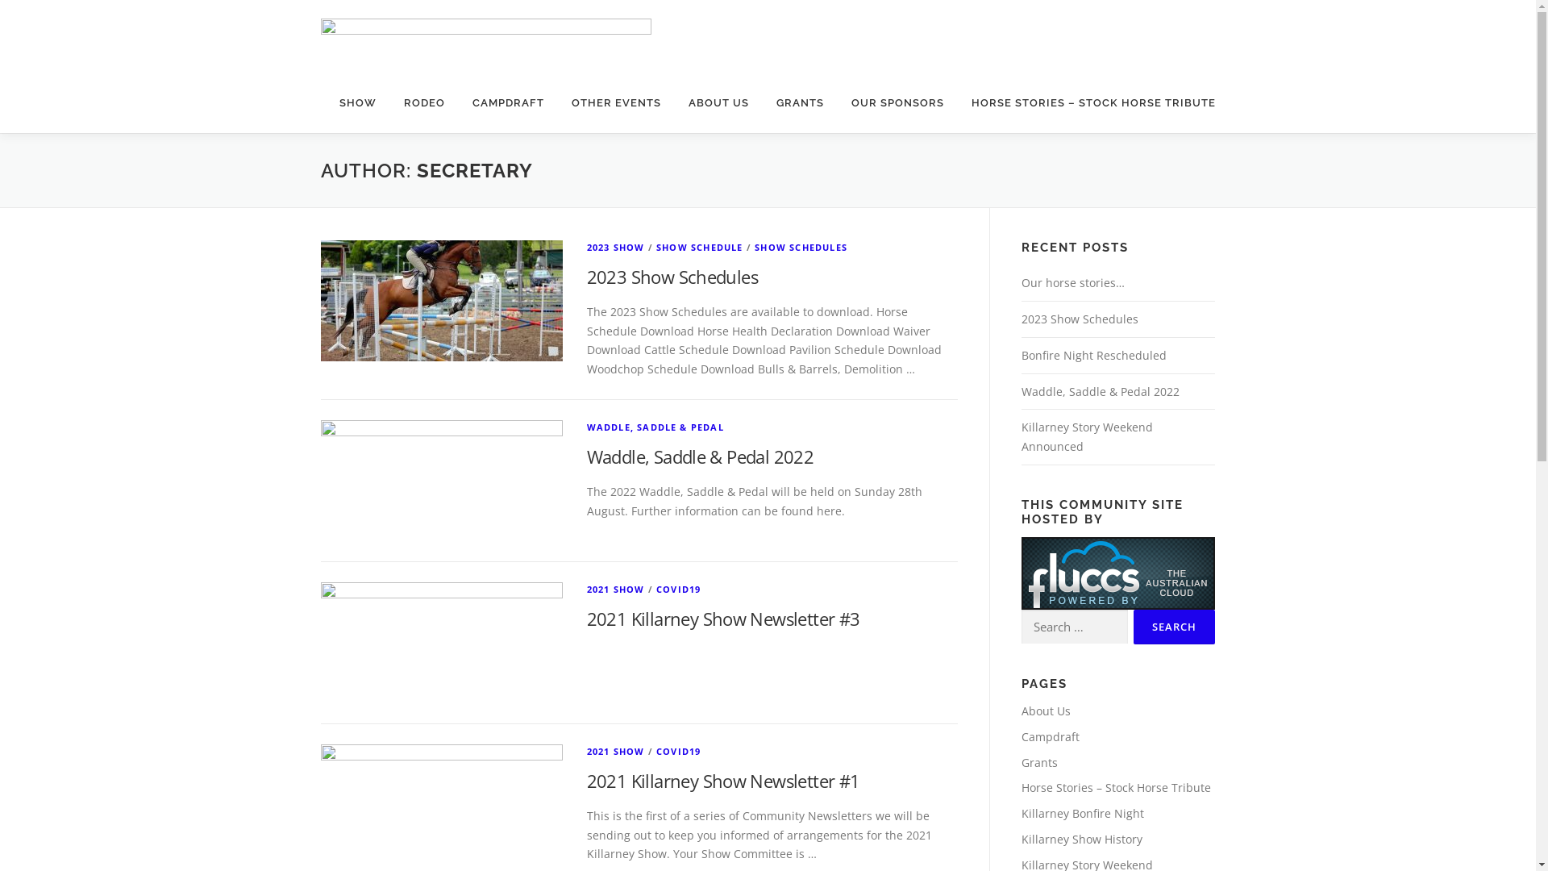  What do you see at coordinates (1086, 436) in the screenshot?
I see `'Killarney Story Weekend Announced'` at bounding box center [1086, 436].